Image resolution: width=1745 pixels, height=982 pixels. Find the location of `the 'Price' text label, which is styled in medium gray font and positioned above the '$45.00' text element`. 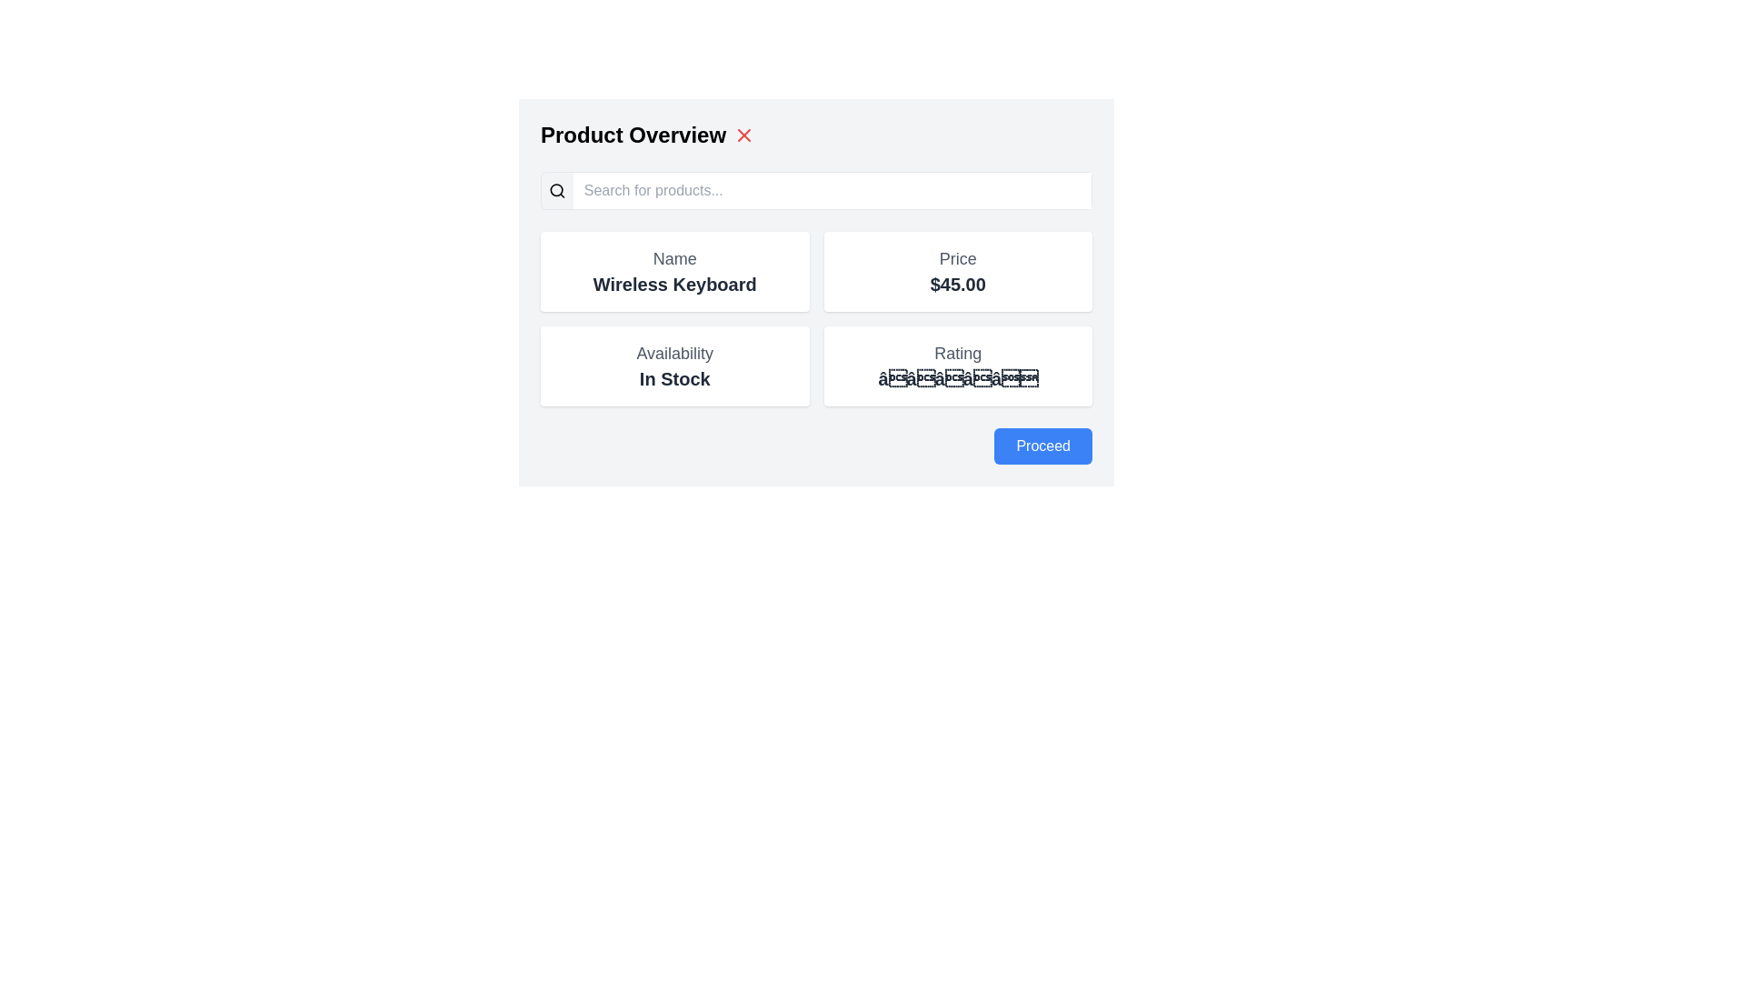

the 'Price' text label, which is styled in medium gray font and positioned above the '$45.00' text element is located at coordinates (957, 259).